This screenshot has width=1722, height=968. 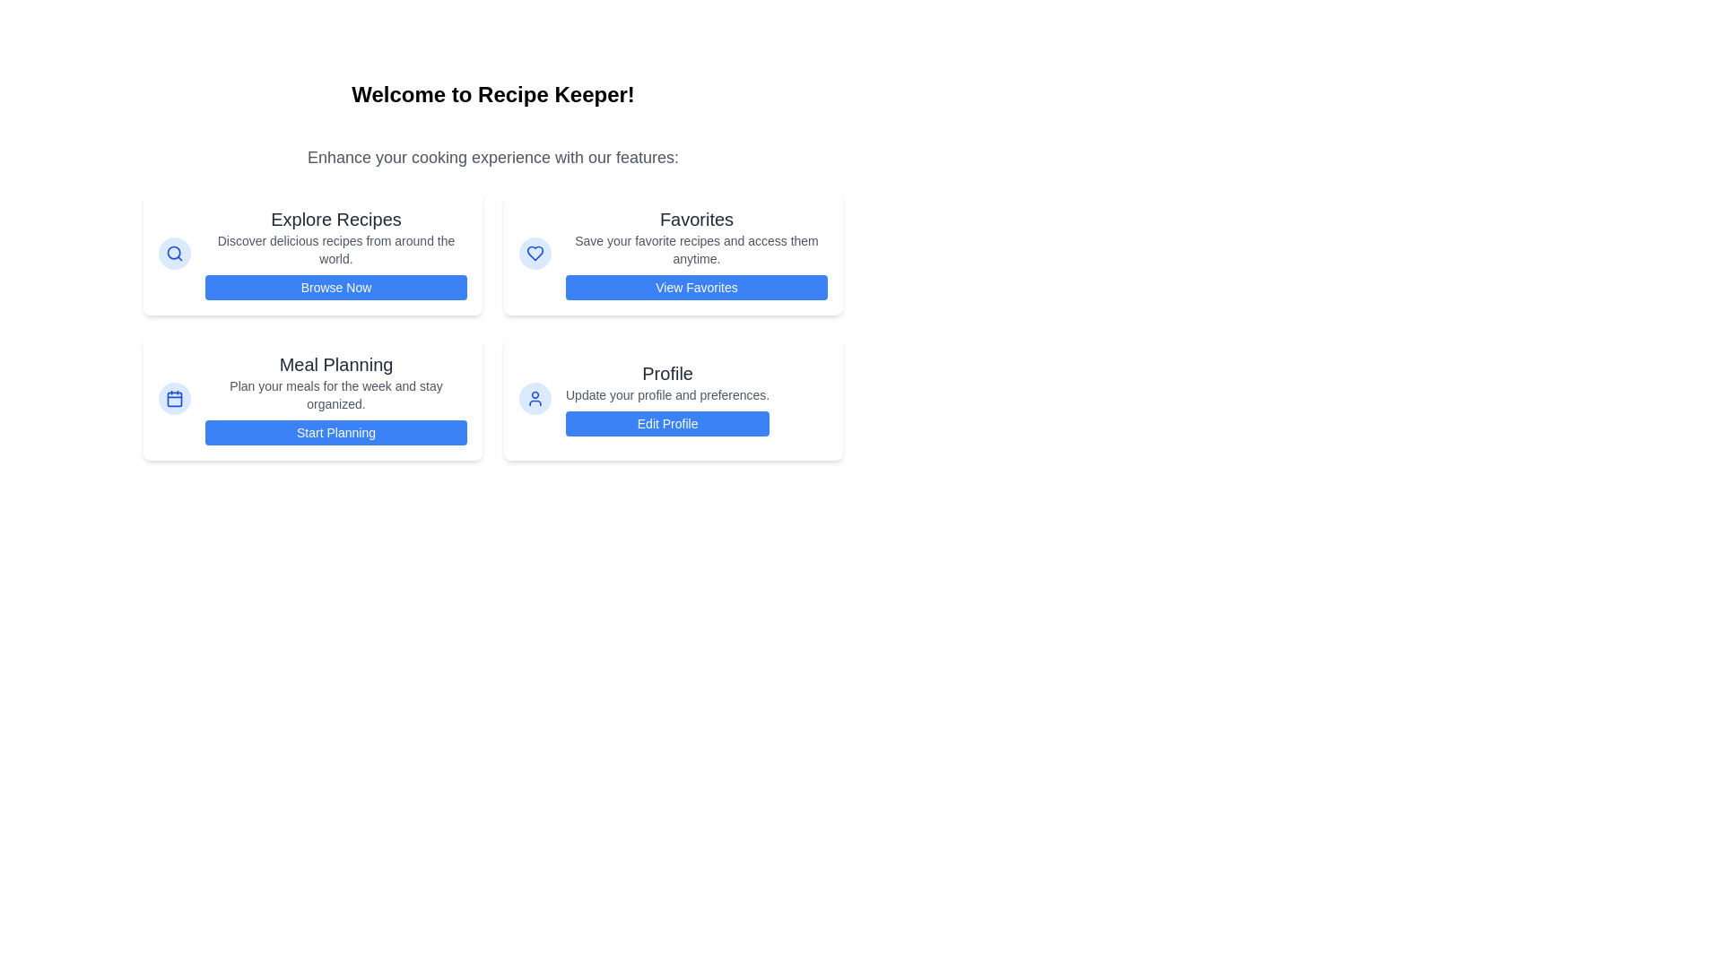 I want to click on the 'Meal Planning' icon located in the bottom-left quadrant of the interface, which visually represents the meal planning functionality, so click(x=175, y=397).